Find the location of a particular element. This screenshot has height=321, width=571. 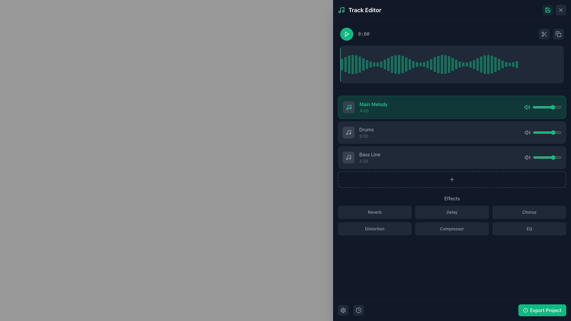

the small rectangular button with rounded corners and a copy icon in its center, positioned is located at coordinates (558, 34).